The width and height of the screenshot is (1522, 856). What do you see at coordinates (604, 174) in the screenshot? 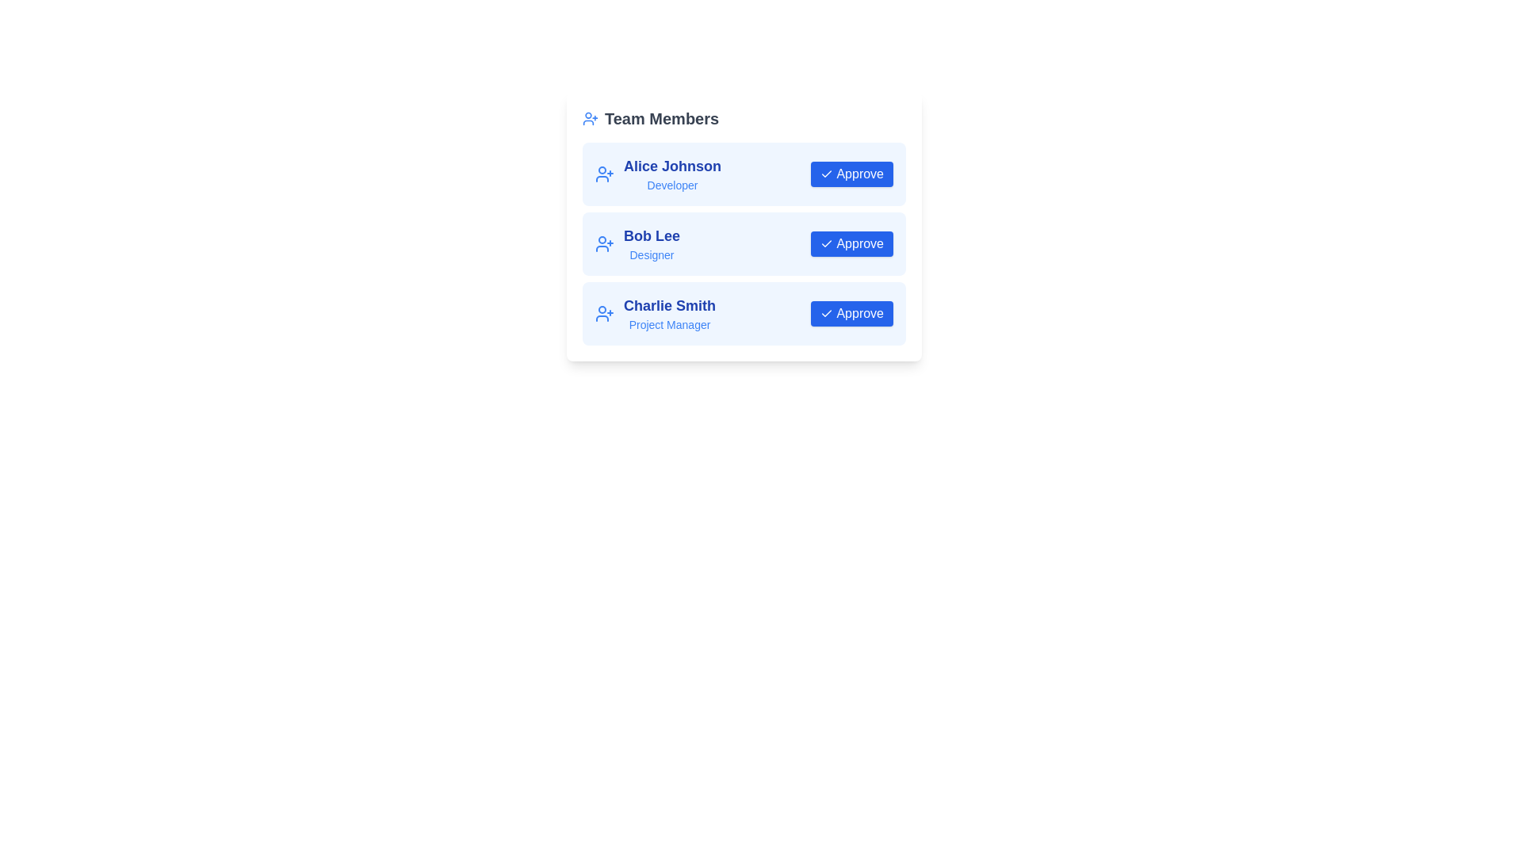
I see `the user-related SVG Icon associated with user management located at the top left corner of the 'Alice Johnson' box, near the text 'Alice Johnson Developer'` at bounding box center [604, 174].